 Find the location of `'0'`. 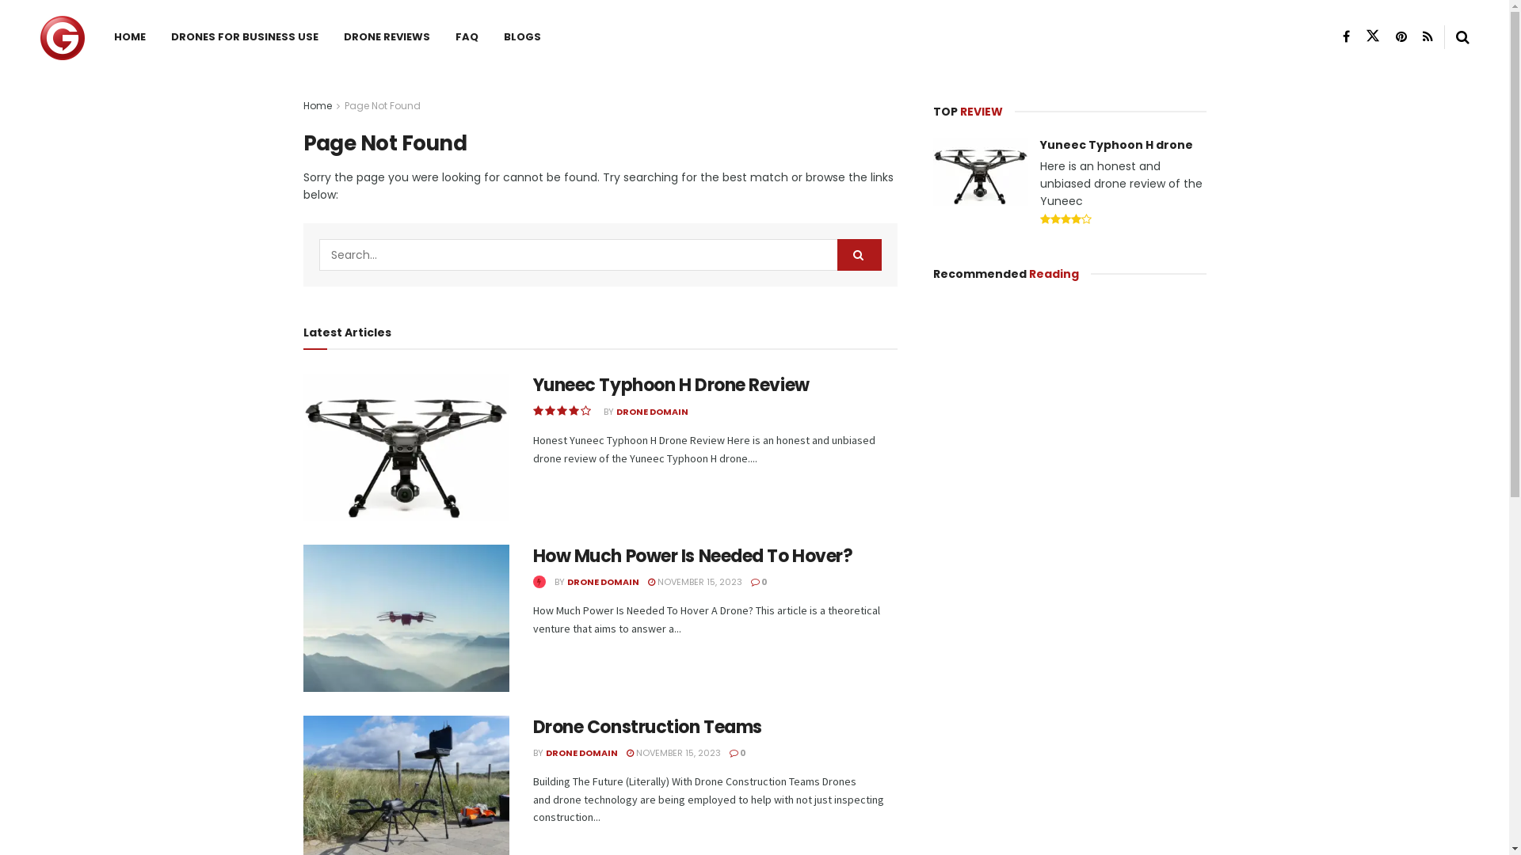

'0' is located at coordinates (736, 752).